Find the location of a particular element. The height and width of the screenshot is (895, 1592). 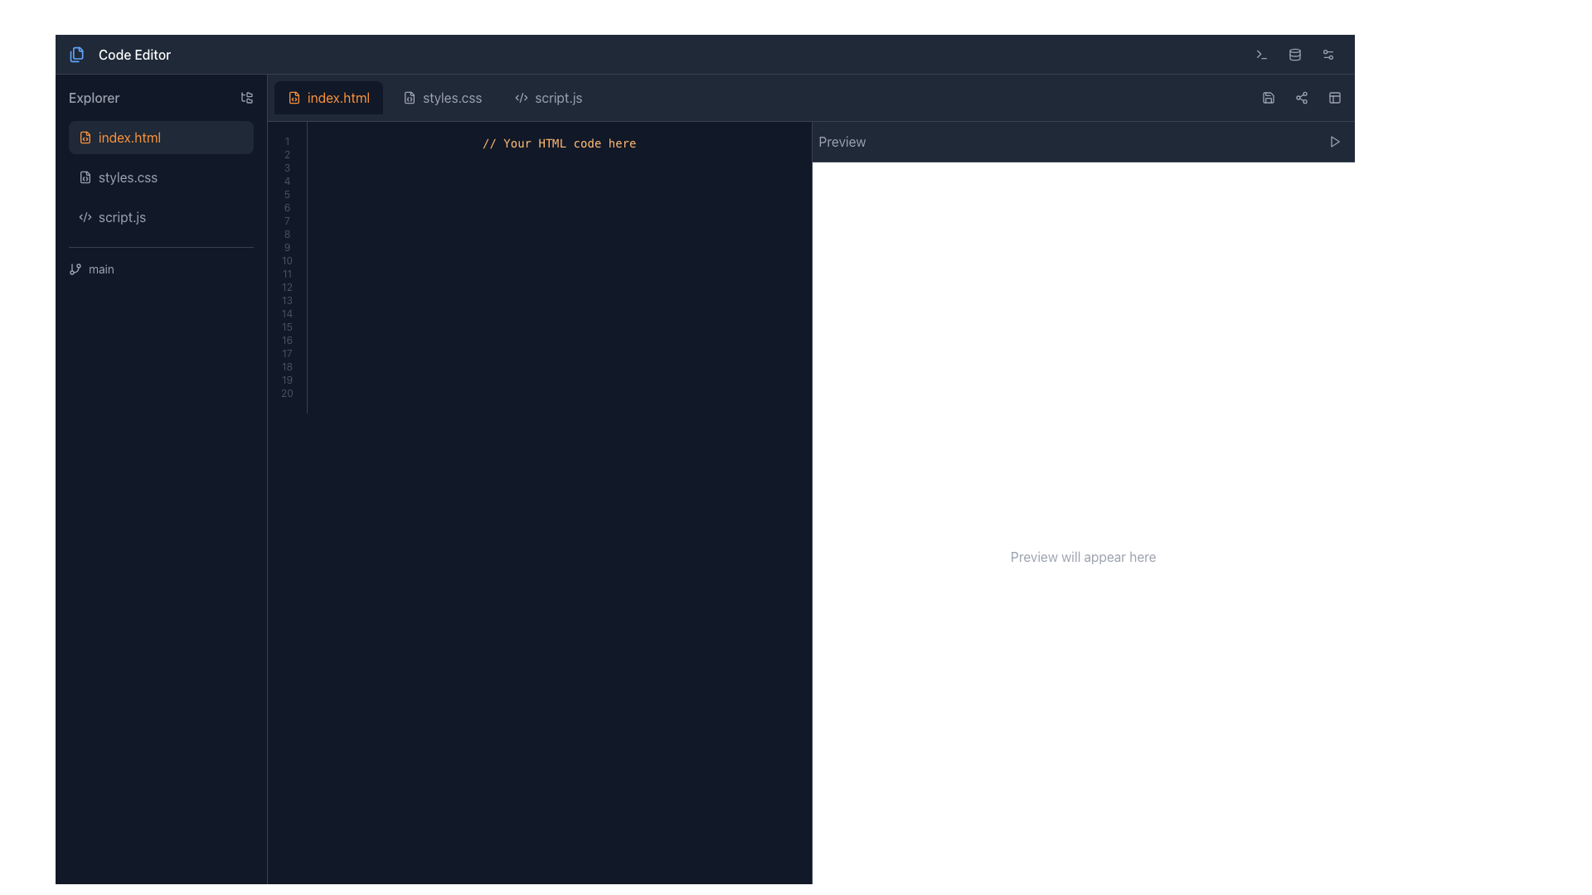

the share Icon button located in the top-right corner of the interface, which is the second icon in a group of three is located at coordinates (1300, 98).